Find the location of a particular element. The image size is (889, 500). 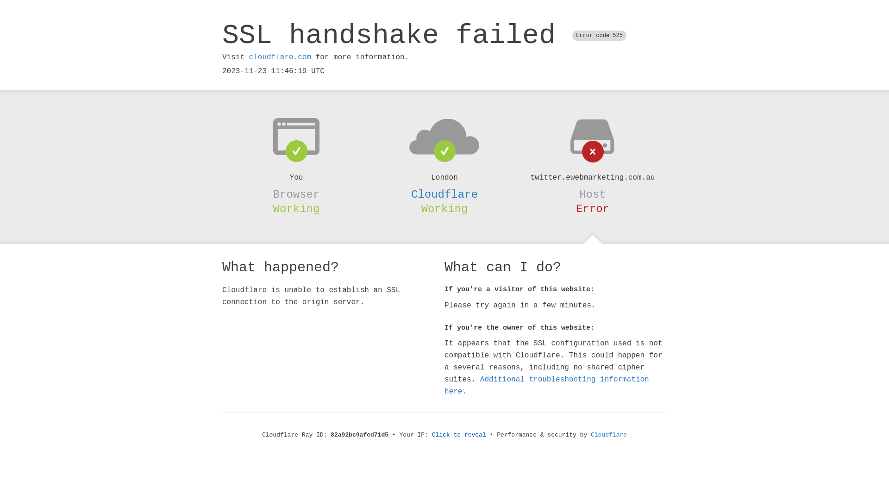

'Cloudflare' is located at coordinates (444, 194).